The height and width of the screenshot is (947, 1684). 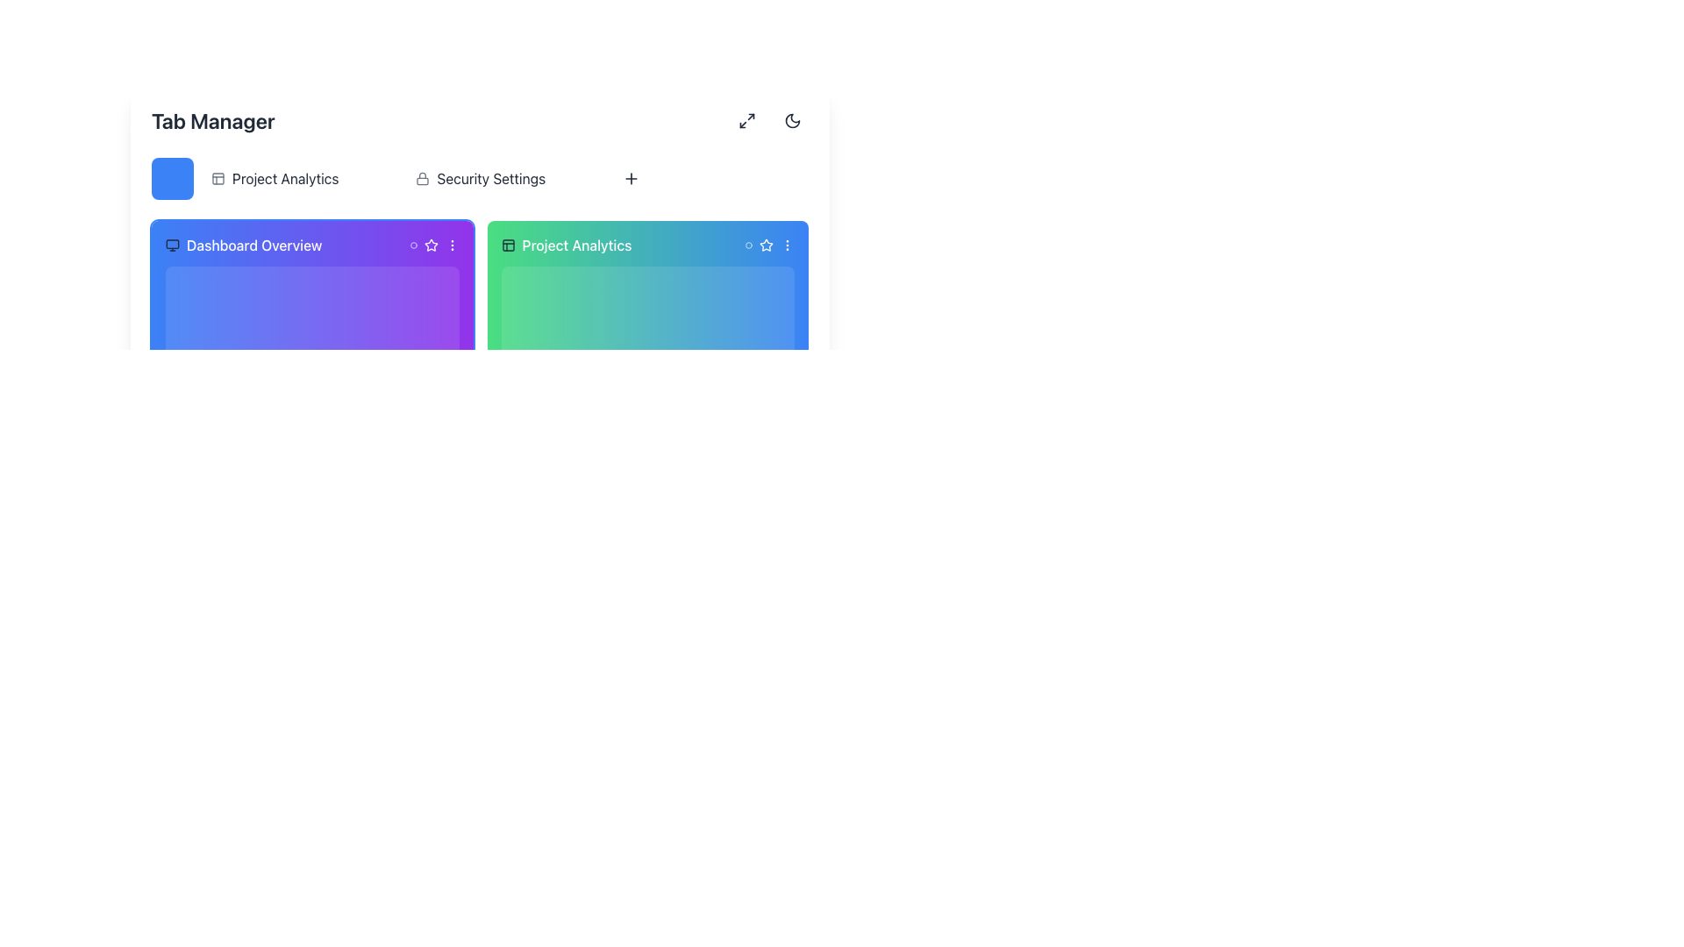 What do you see at coordinates (766, 246) in the screenshot?
I see `the second star icon in the top-right corner of the card labeled 'Project Analytics'` at bounding box center [766, 246].